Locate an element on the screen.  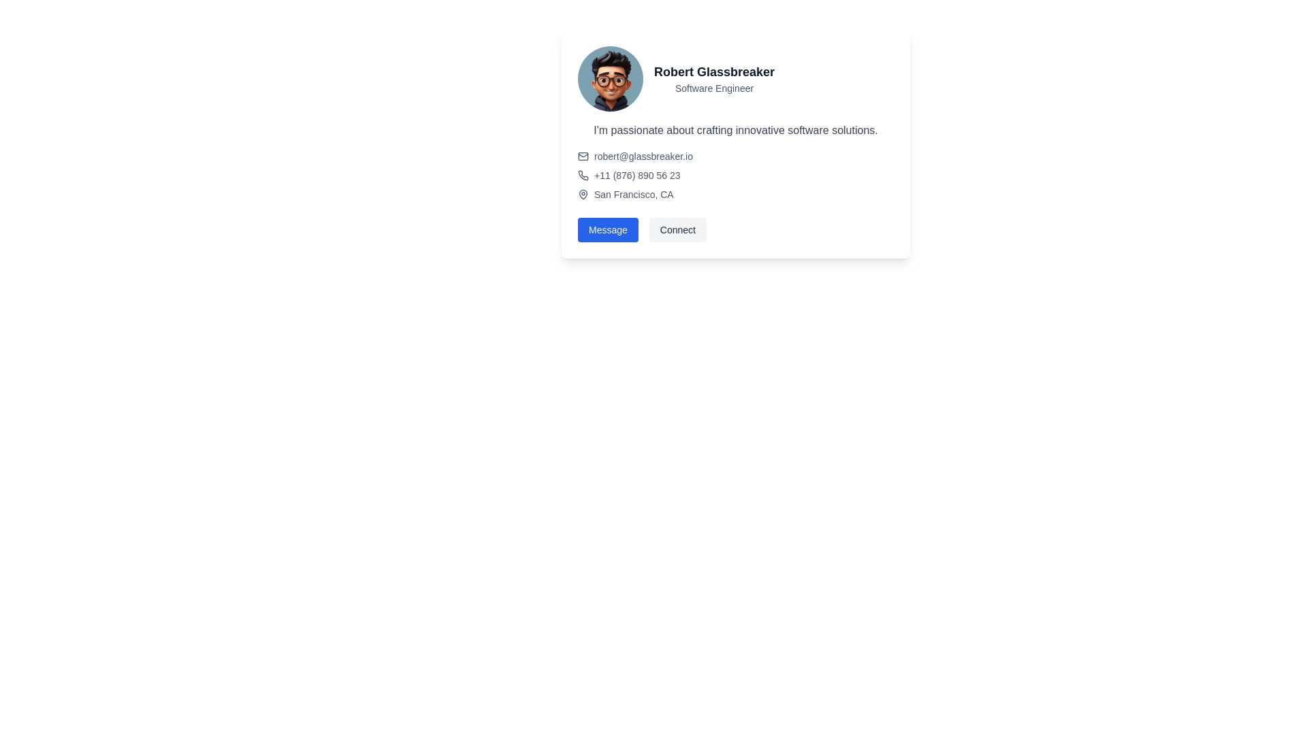
the email contact icon, positioned as the leftmost element in the email section of the user's contact details, to potentially see a tooltip or visual effect is located at coordinates (583, 156).